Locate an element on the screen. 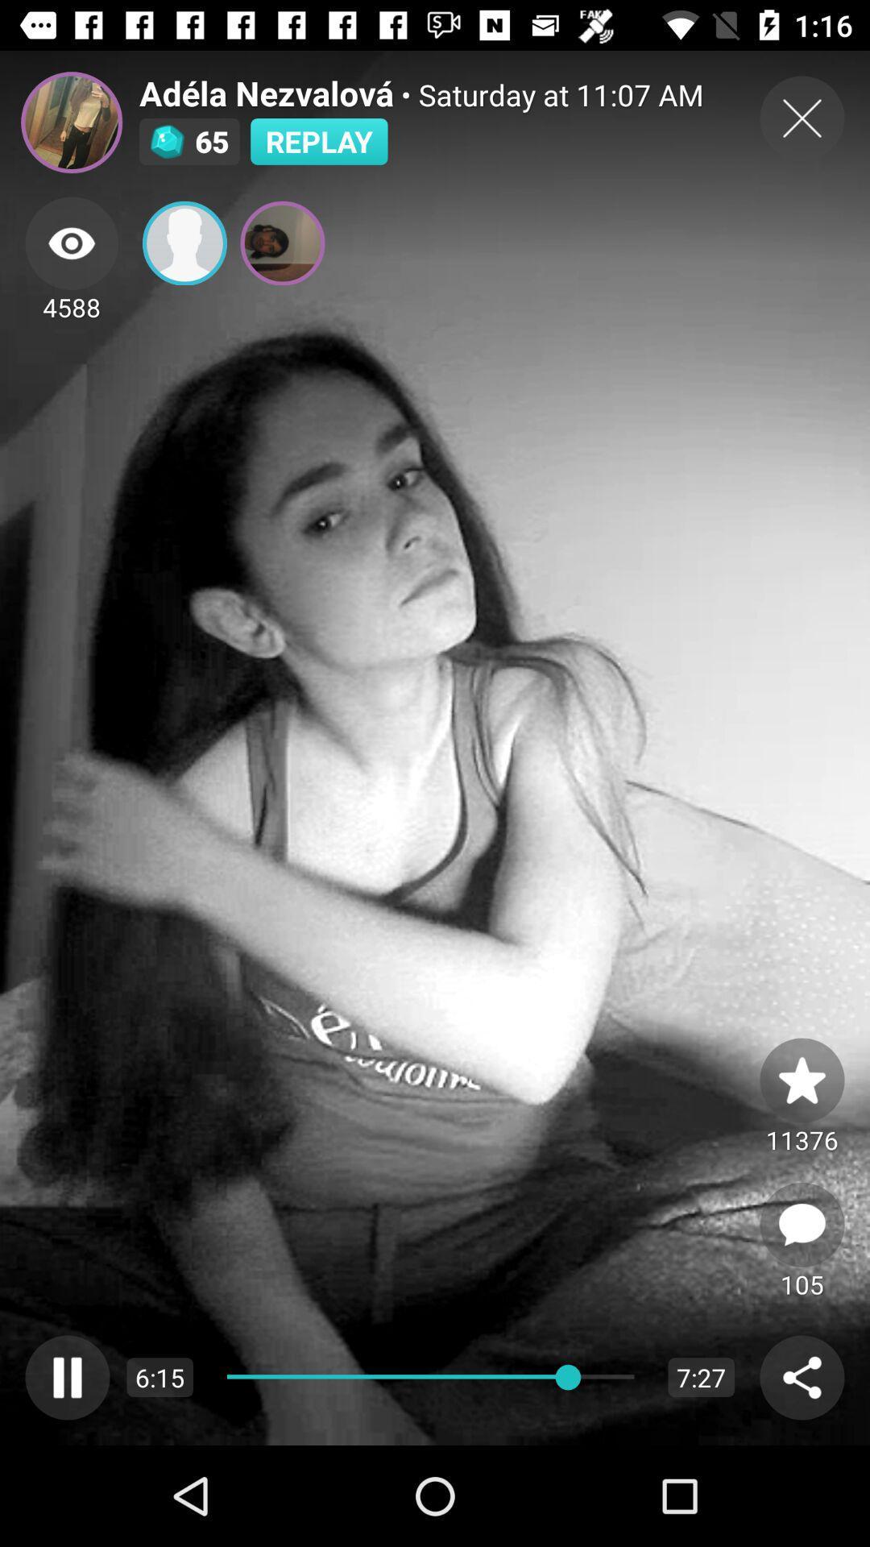 This screenshot has height=1547, width=870. total viewers is located at coordinates (71, 243).